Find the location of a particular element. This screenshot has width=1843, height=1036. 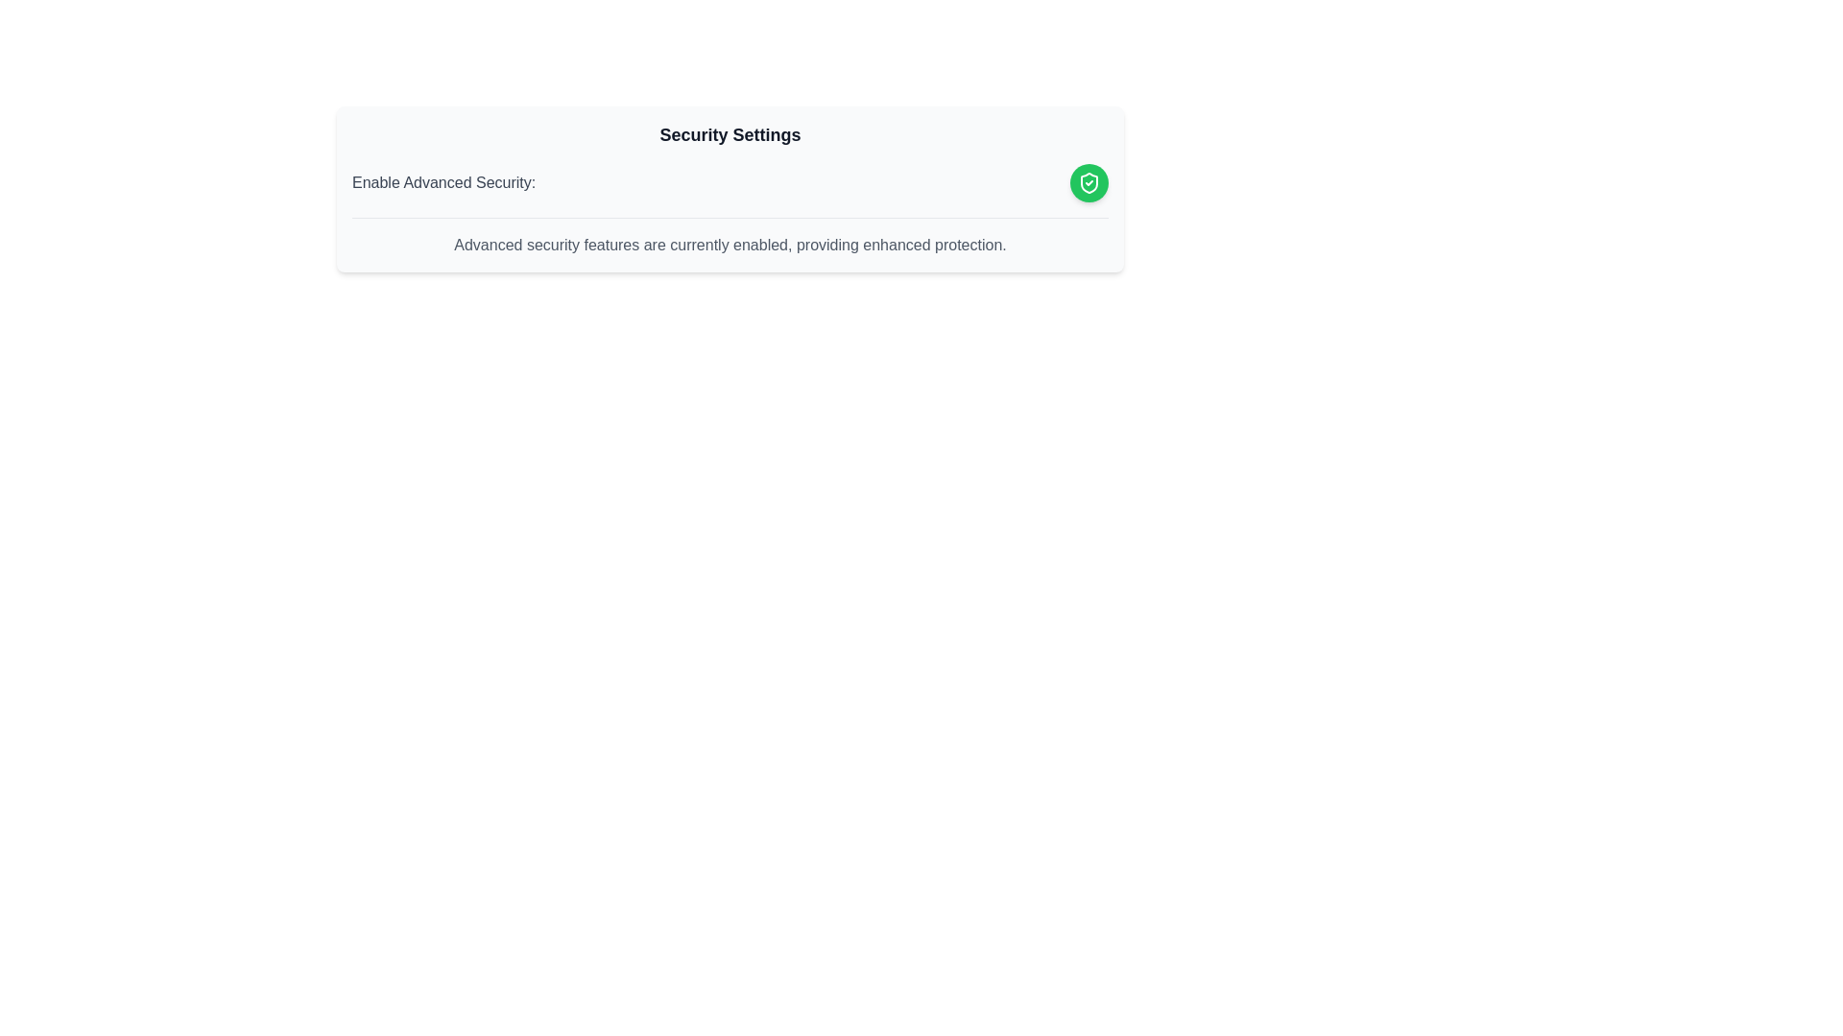

the toggle button to change the security setting is located at coordinates (1089, 183).